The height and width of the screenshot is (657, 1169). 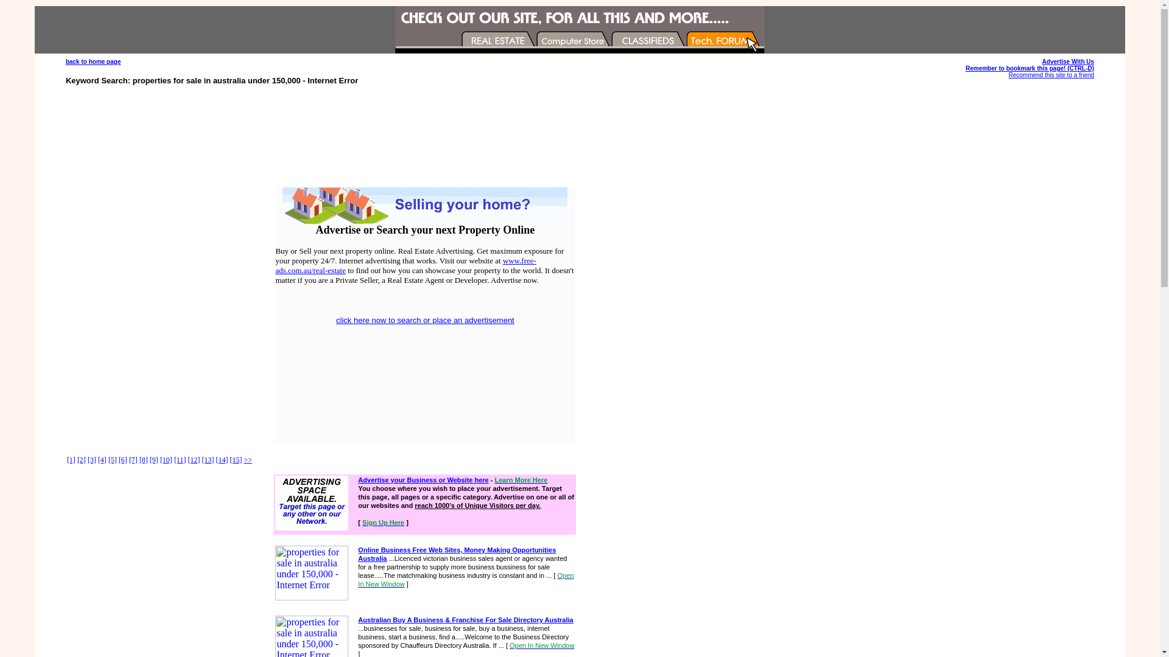 I want to click on 'click here now to search or place an advertisement', so click(x=425, y=319).